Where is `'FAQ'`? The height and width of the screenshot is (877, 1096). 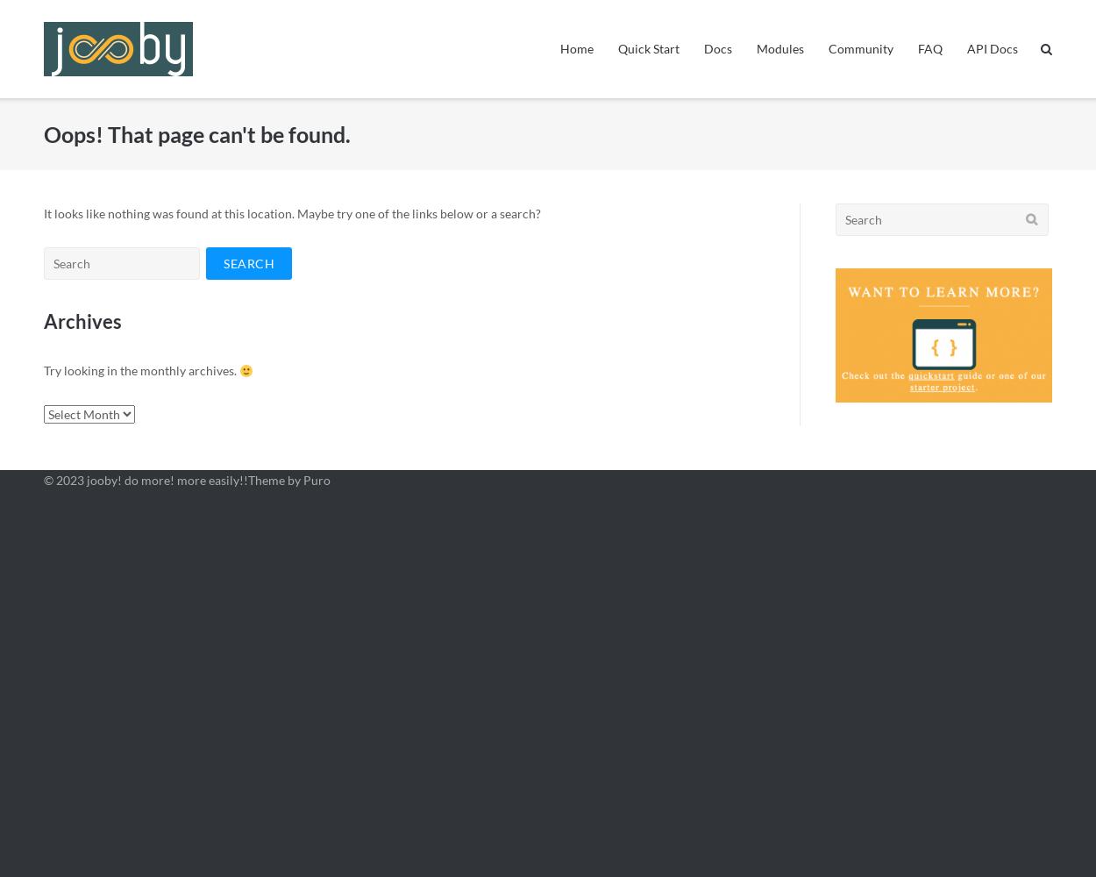
'FAQ' is located at coordinates (930, 48).